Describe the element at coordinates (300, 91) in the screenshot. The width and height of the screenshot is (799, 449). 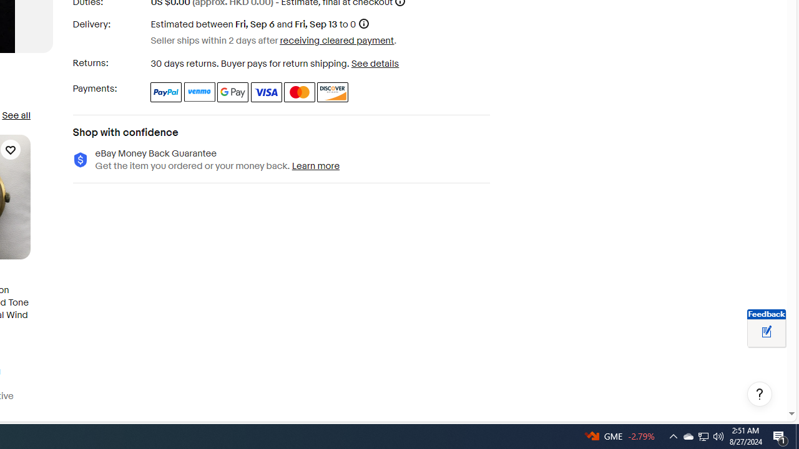
I see `'Master Card'` at that location.